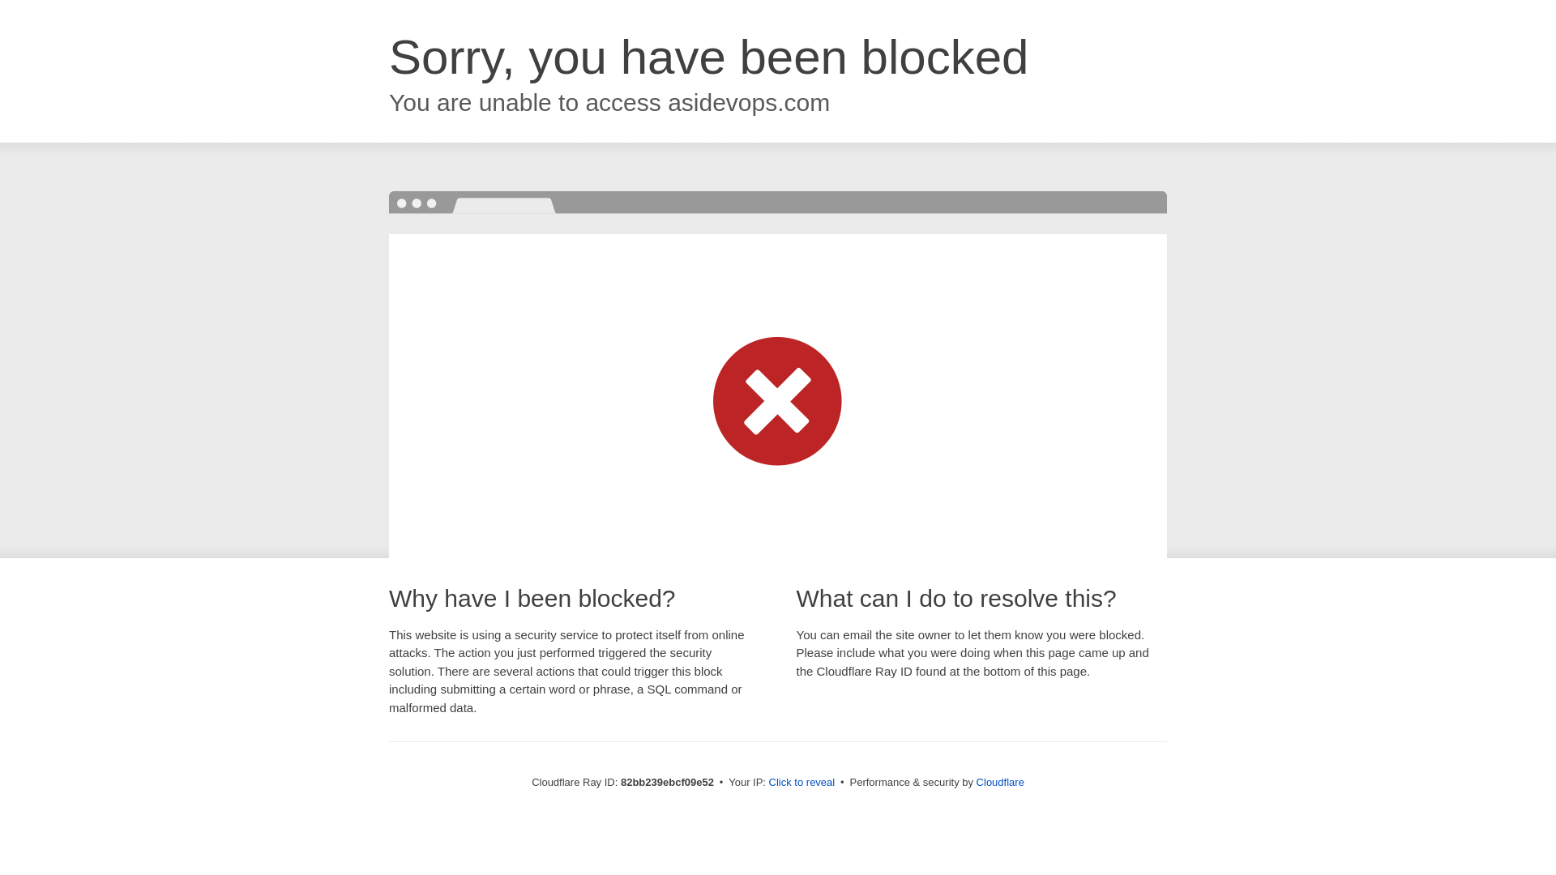 This screenshot has width=1556, height=875. Describe the element at coordinates (802, 781) in the screenshot. I see `'Click to reveal'` at that location.